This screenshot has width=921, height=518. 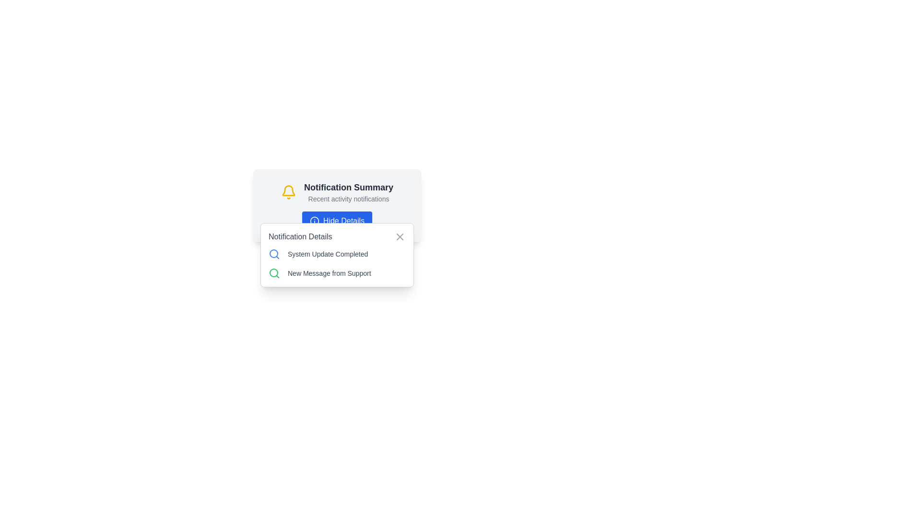 I want to click on the close button located in the top-right corner of the 'Notification Details' panel, so click(x=400, y=236).